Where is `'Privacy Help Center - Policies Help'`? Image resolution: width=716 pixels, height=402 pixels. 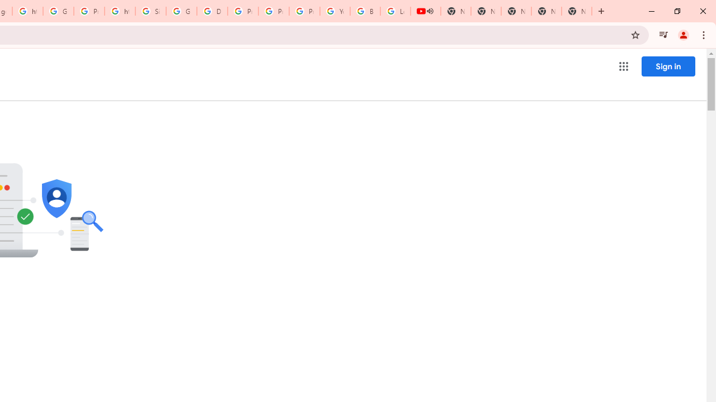
'Privacy Help Center - Policies Help' is located at coordinates (242, 11).